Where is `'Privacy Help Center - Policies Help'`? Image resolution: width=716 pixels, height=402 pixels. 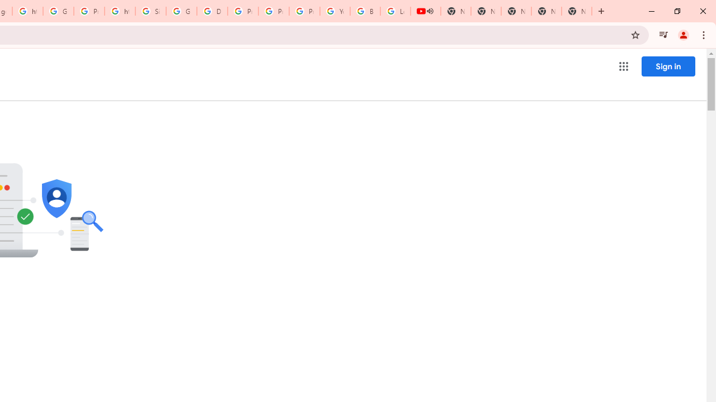
'Privacy Help Center - Policies Help' is located at coordinates (242, 11).